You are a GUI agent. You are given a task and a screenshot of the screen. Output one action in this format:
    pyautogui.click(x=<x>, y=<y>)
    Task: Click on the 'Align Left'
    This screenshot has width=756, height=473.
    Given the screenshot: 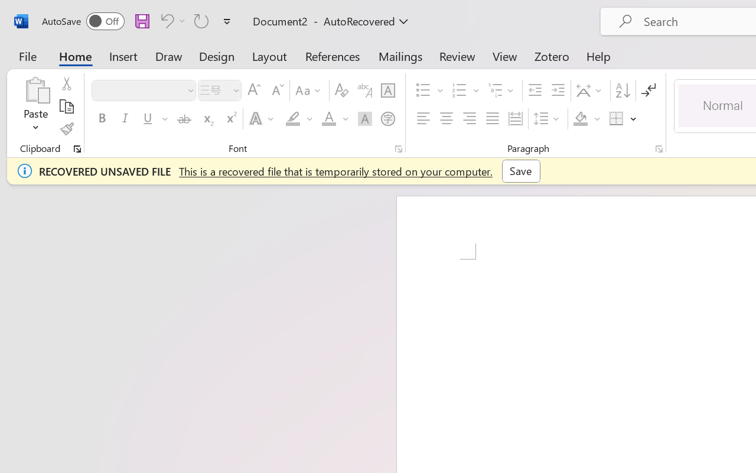 What is the action you would take?
    pyautogui.click(x=423, y=119)
    